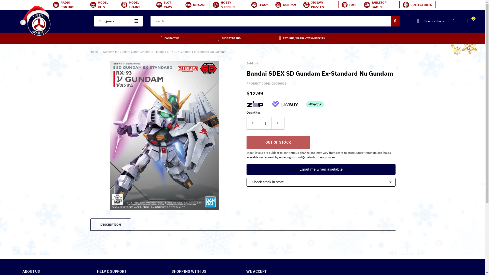 The width and height of the screenshot is (489, 275). I want to click on 'HOBBY SUPPLIES', so click(209, 5).